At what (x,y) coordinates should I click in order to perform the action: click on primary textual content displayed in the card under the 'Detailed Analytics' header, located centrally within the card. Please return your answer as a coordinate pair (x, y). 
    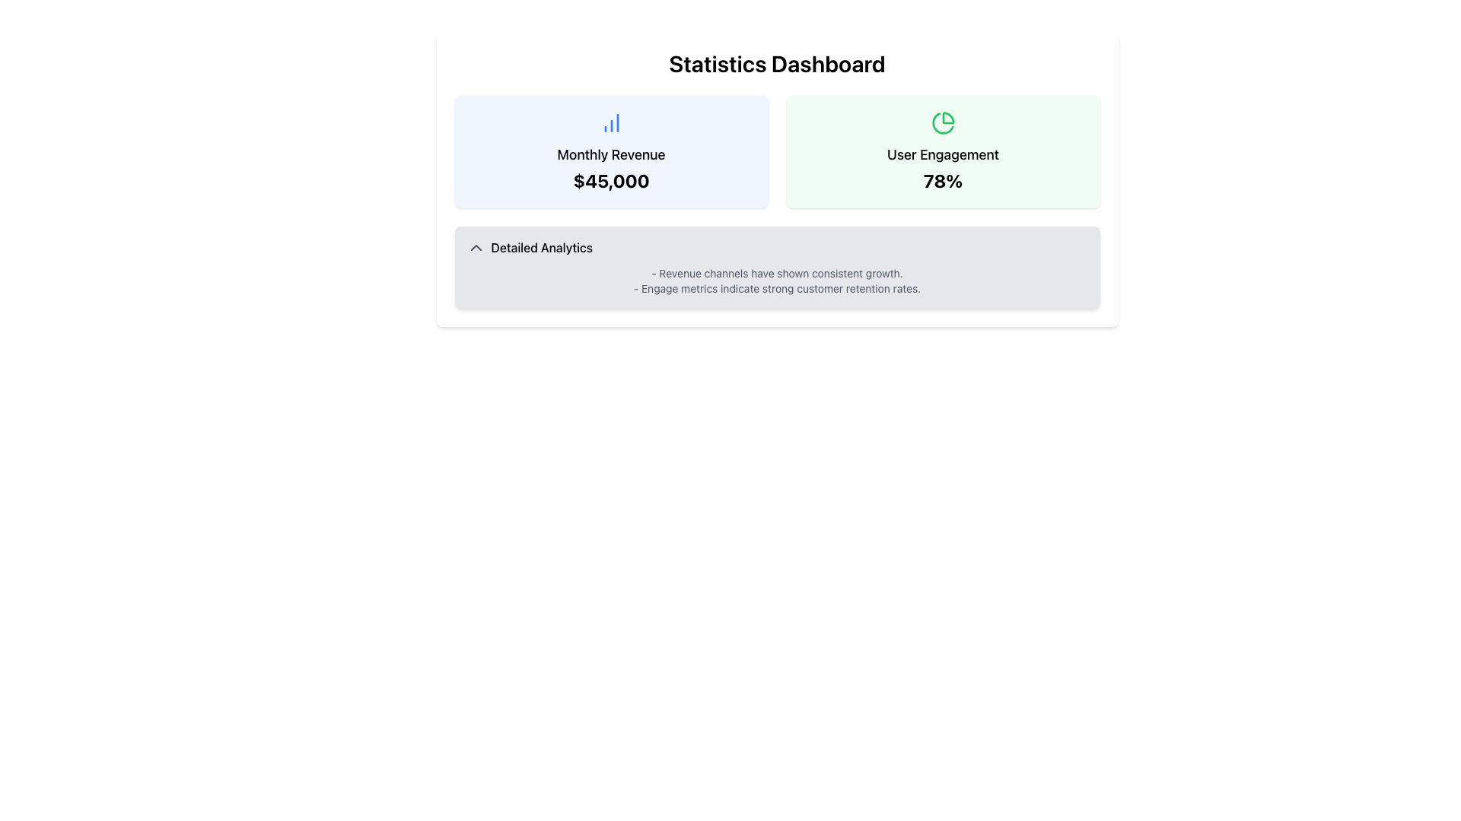
    Looking at the image, I should click on (777, 281).